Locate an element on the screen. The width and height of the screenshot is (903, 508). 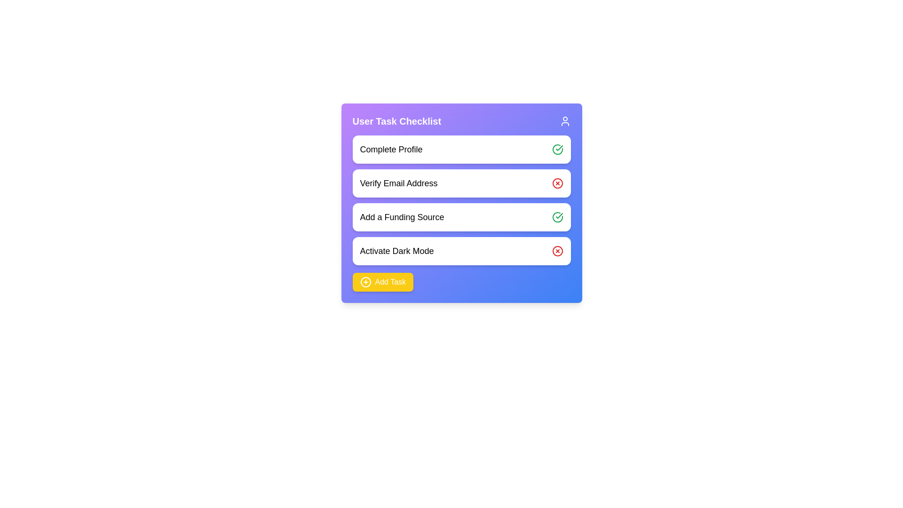
the second item in the User Task Checklist, which is the task to verify the user's email address is located at coordinates (461, 199).